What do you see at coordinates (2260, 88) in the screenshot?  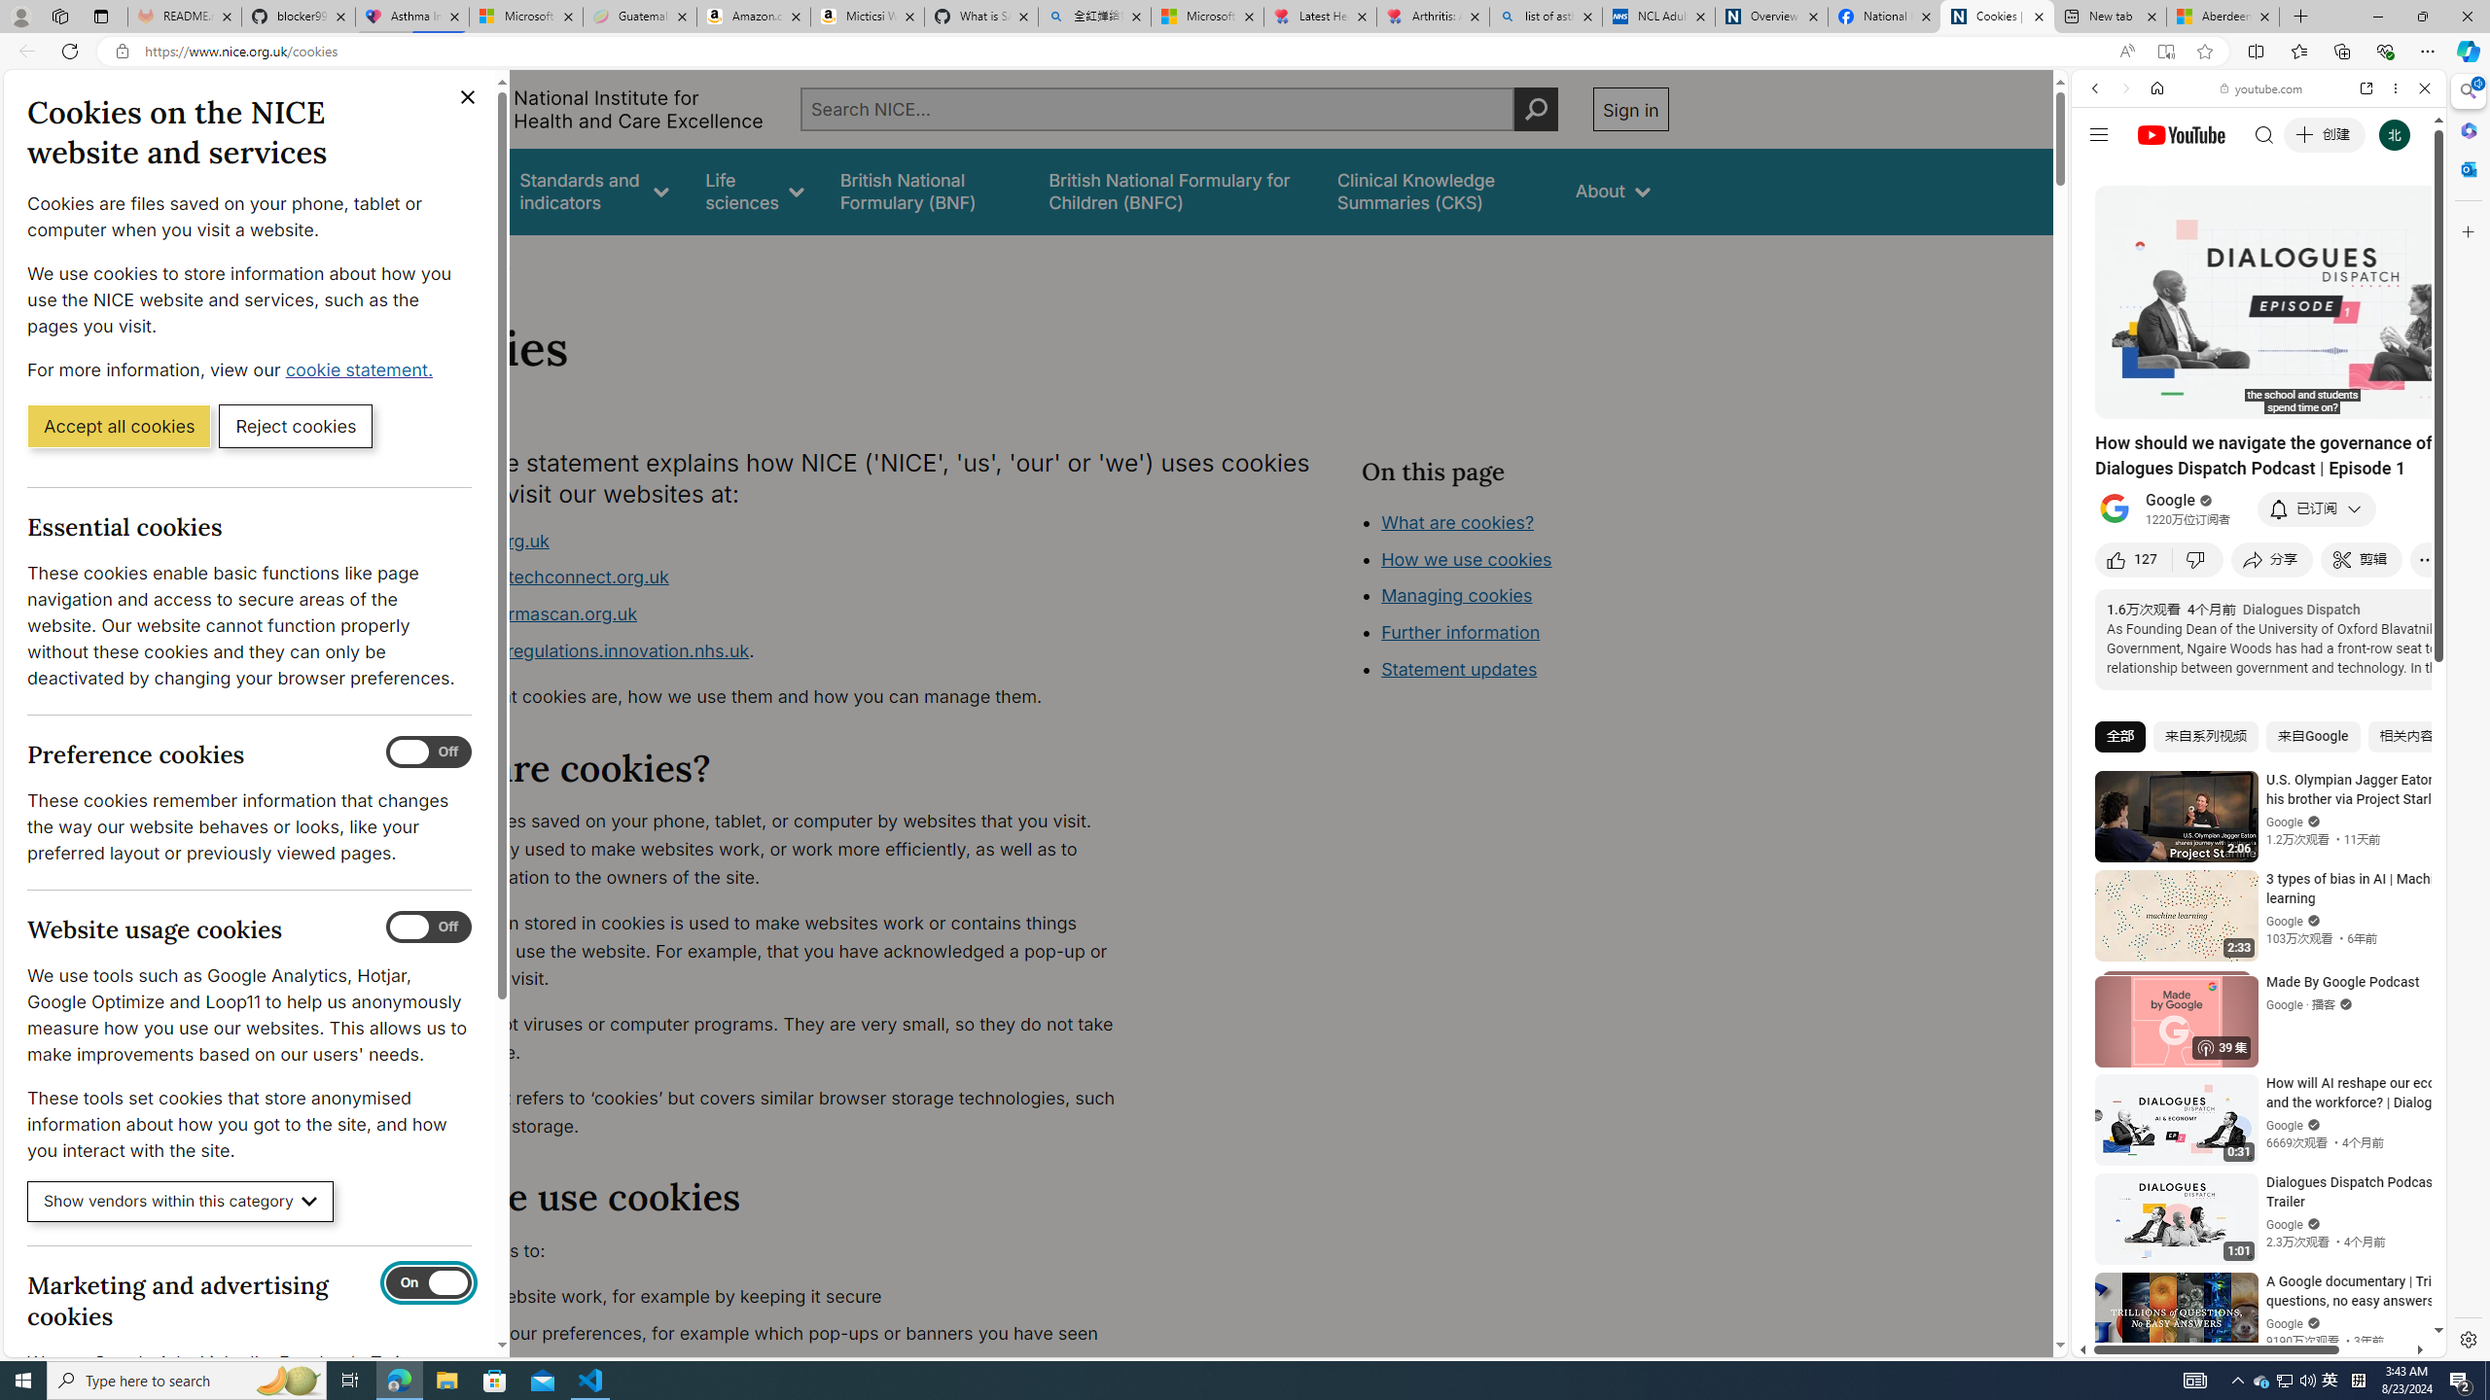 I see `'youtube.com'` at bounding box center [2260, 88].